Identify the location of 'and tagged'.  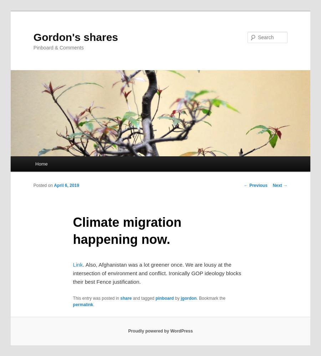
(143, 298).